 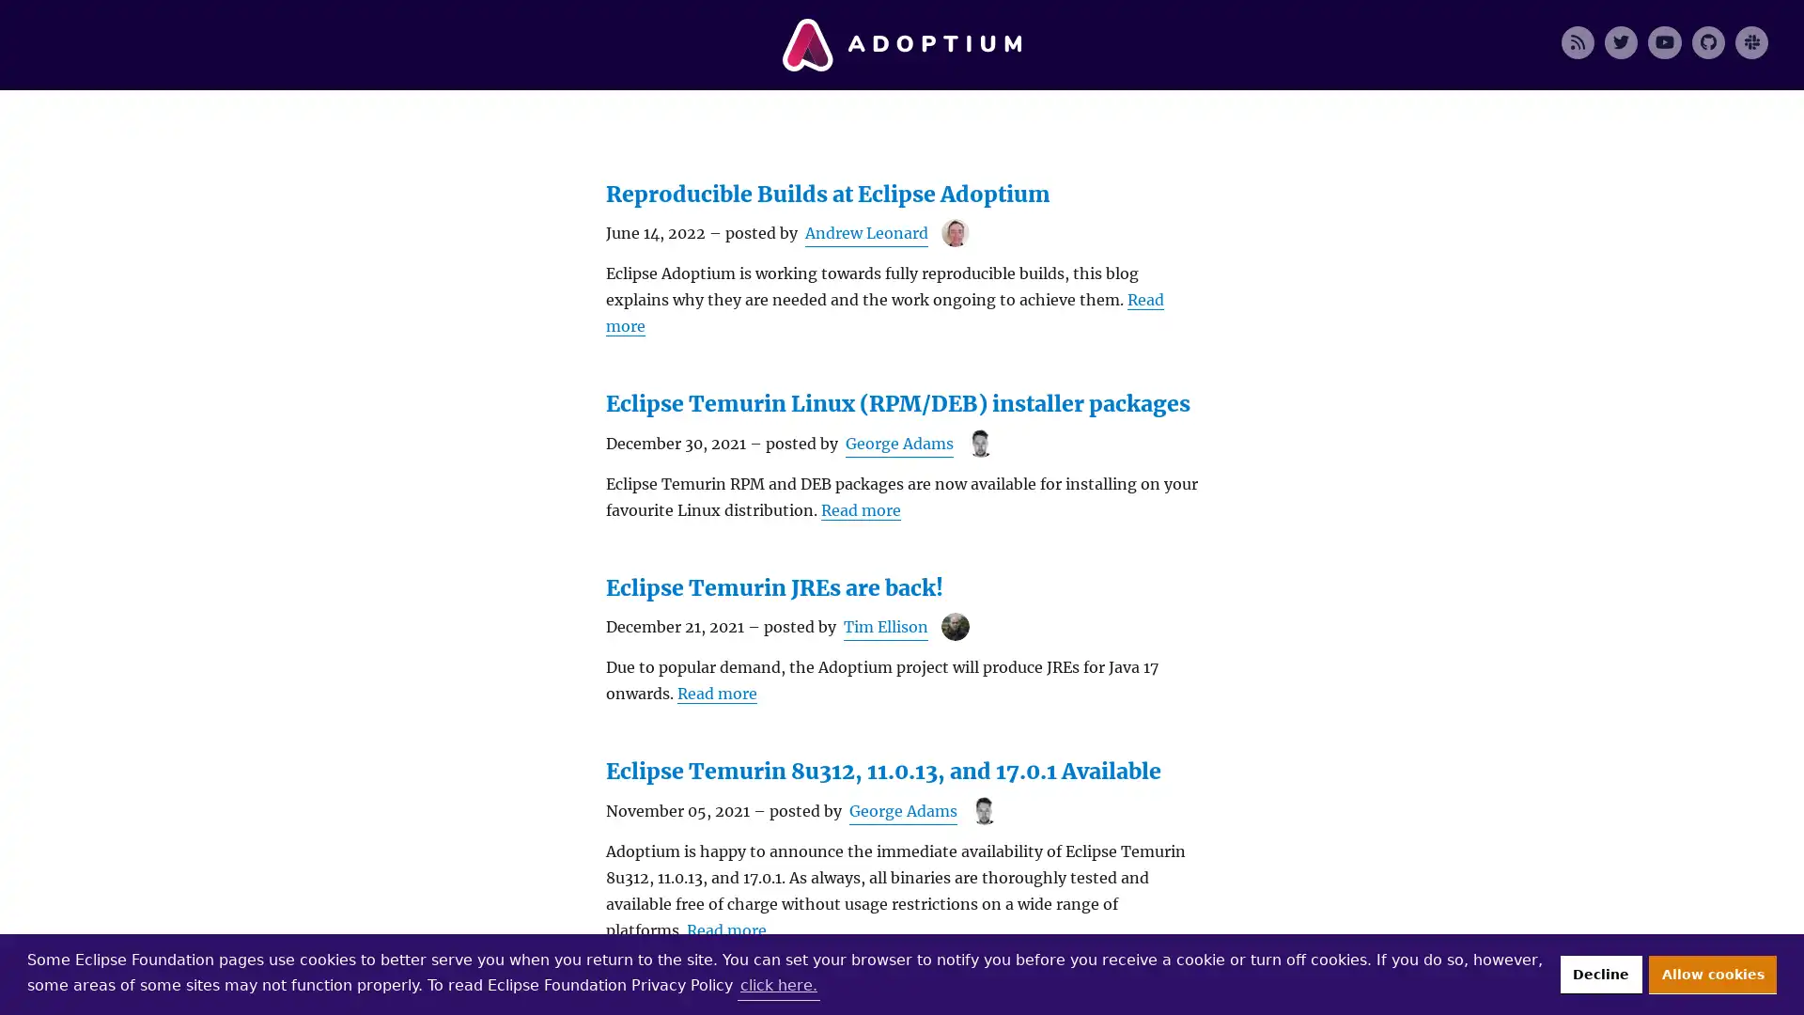 What do you see at coordinates (778, 984) in the screenshot?
I see `learn more about cookies` at bounding box center [778, 984].